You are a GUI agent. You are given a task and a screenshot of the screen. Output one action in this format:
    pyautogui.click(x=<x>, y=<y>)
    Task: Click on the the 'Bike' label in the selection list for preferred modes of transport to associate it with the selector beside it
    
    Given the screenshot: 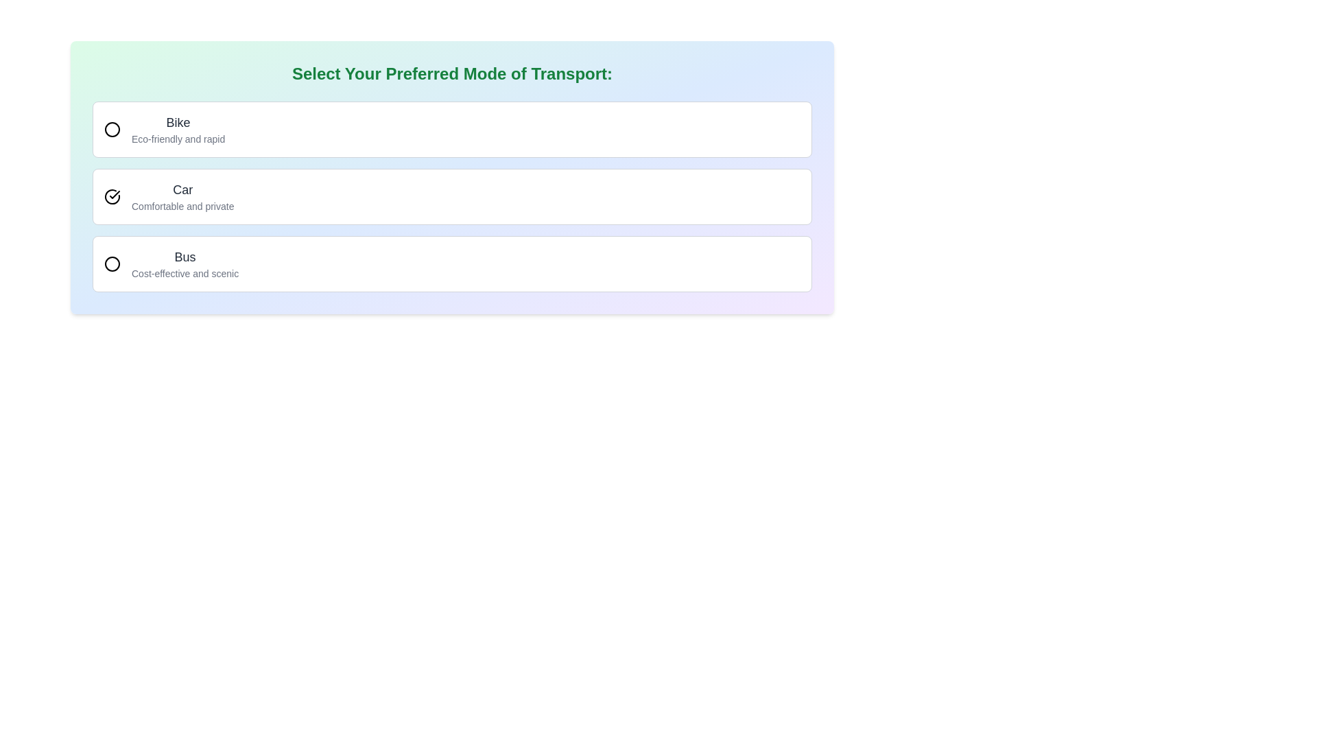 What is the action you would take?
    pyautogui.click(x=178, y=130)
    